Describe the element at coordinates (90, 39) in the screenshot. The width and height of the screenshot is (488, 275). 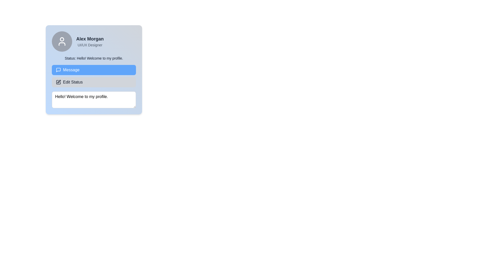
I see `the bold, dark gray text displaying the name 'Alex Morgan', which is located at the top of a profile card and prominently styled to stand out` at that location.